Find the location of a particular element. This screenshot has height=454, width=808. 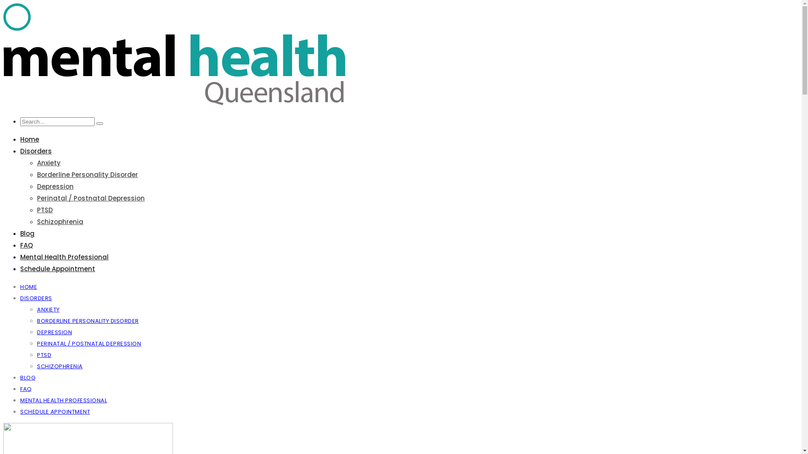

'DEPRESSION' is located at coordinates (36, 332).